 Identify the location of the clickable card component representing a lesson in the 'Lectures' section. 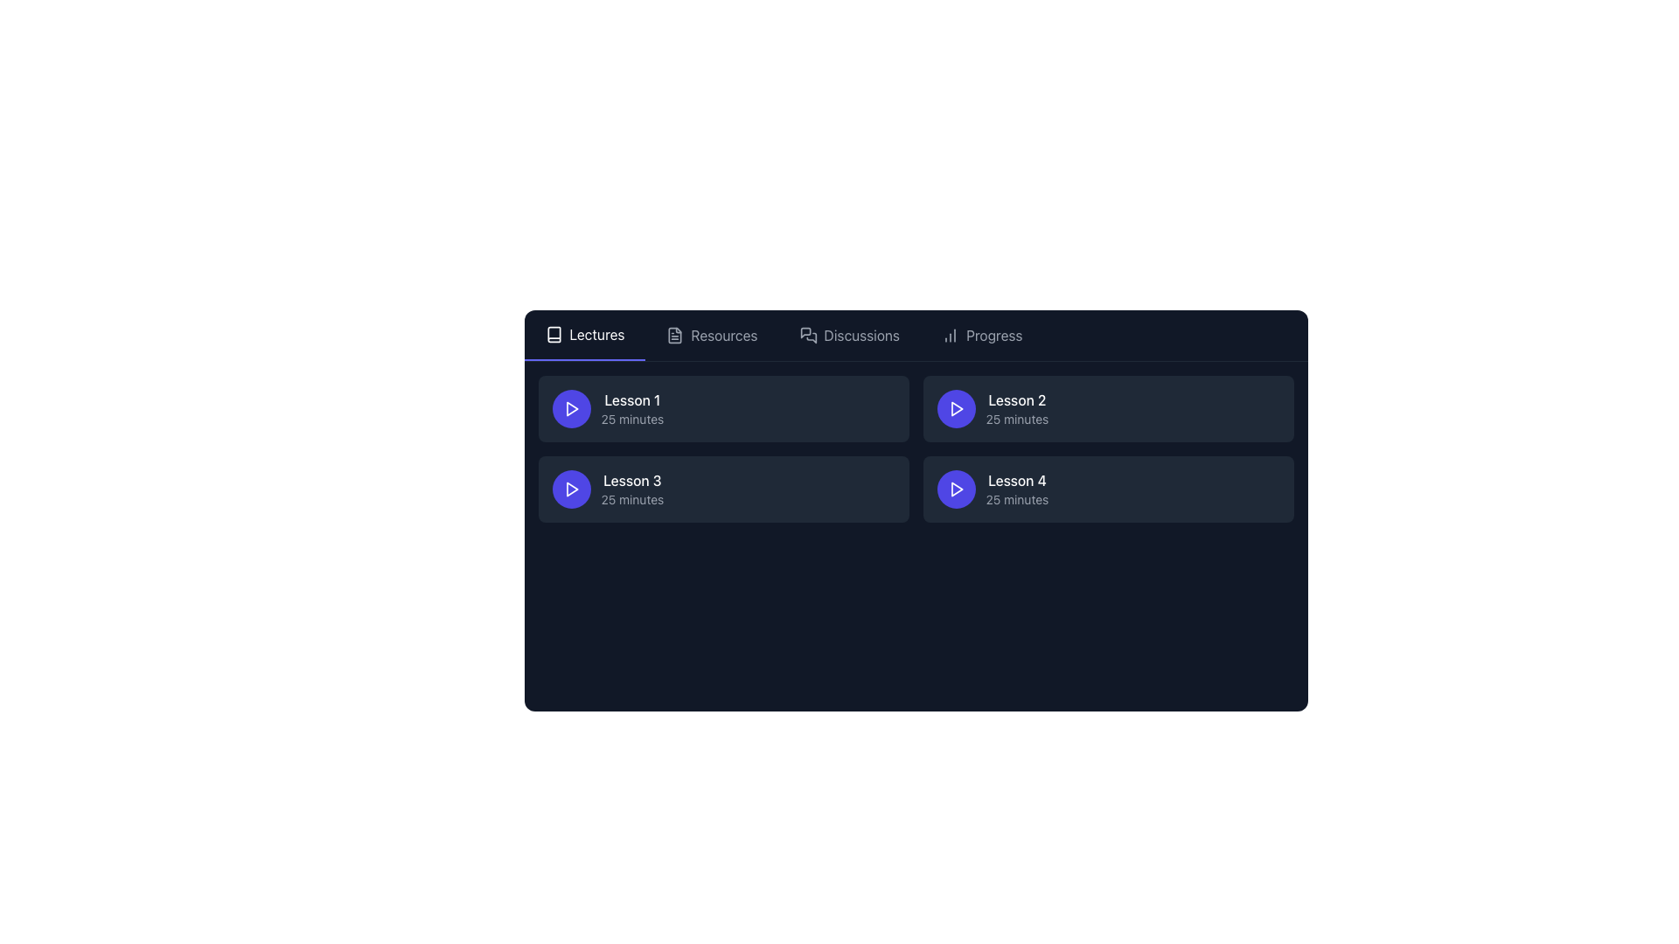
(723, 408).